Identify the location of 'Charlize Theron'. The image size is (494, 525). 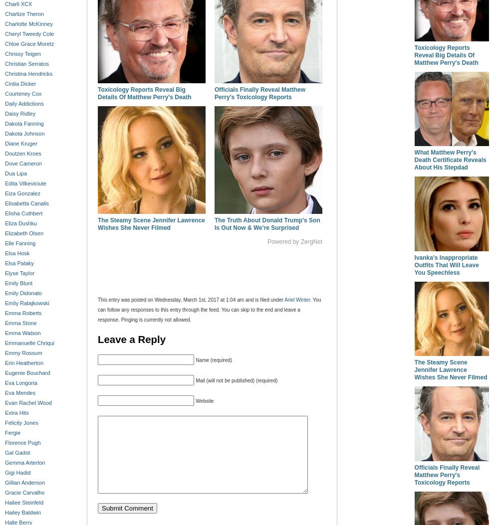
(24, 14).